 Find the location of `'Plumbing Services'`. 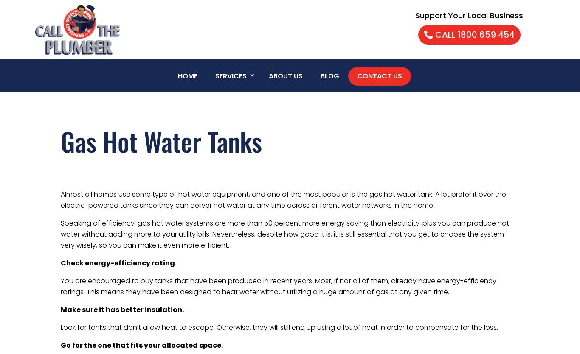

'Plumbing Services' is located at coordinates (253, 103).